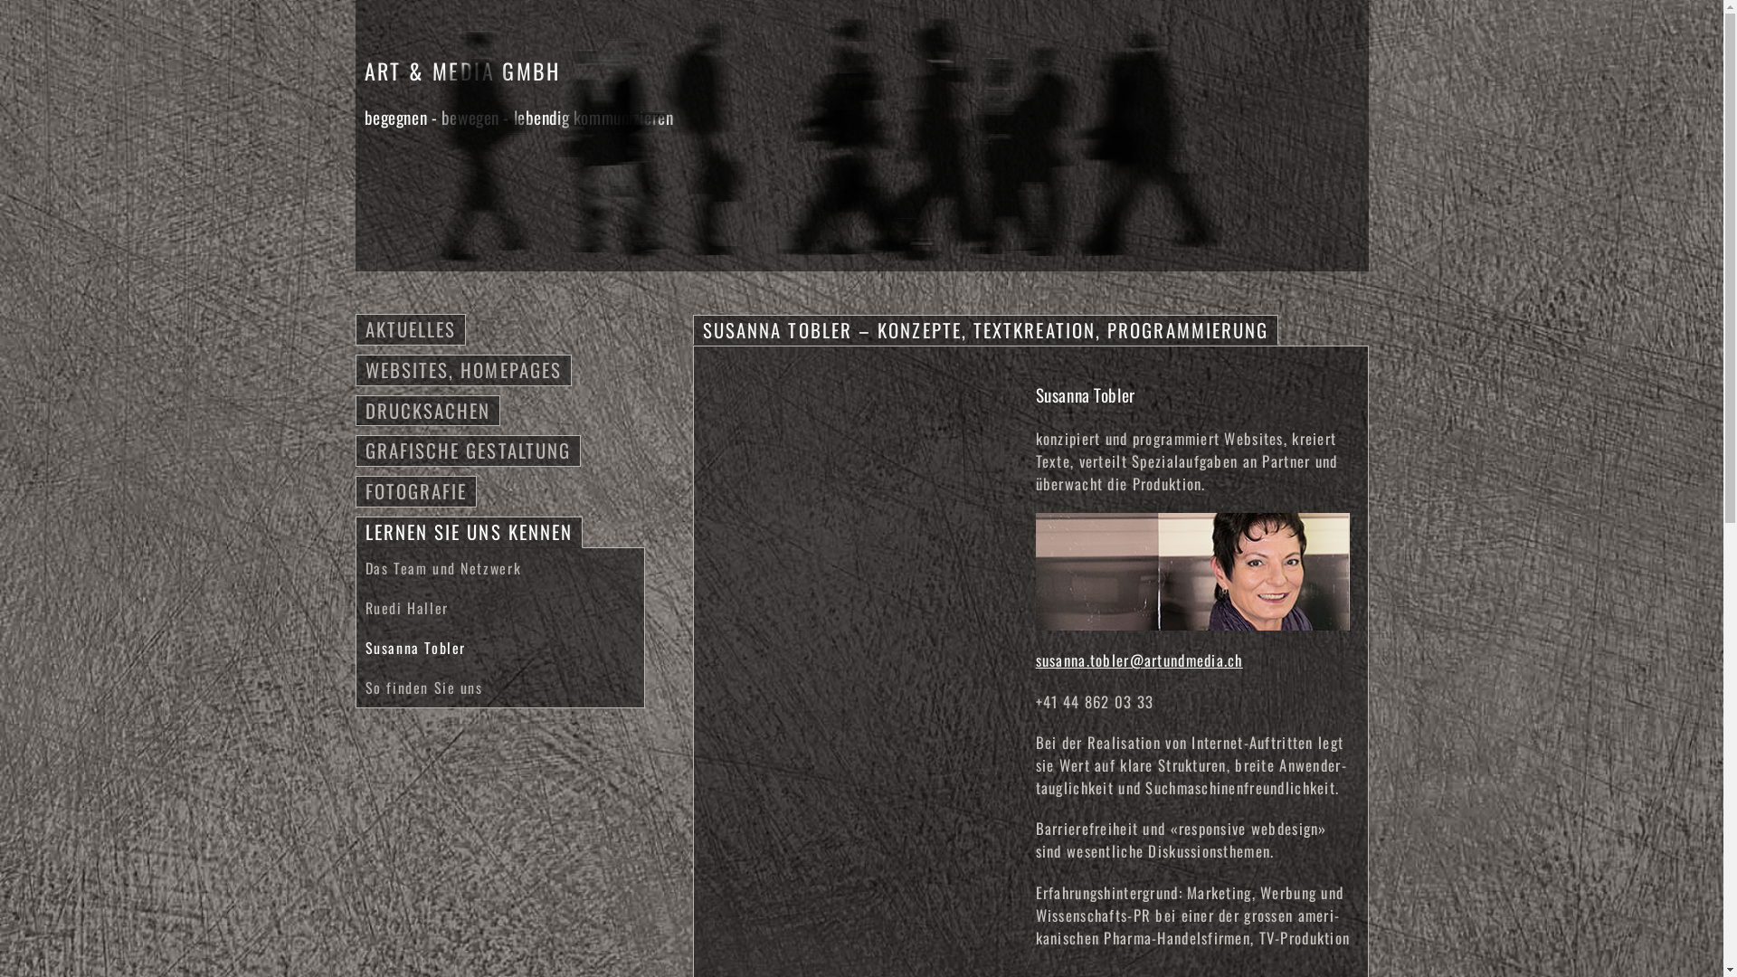  What do you see at coordinates (464, 368) in the screenshot?
I see `'WEBSITES, HOMEPAGES'` at bounding box center [464, 368].